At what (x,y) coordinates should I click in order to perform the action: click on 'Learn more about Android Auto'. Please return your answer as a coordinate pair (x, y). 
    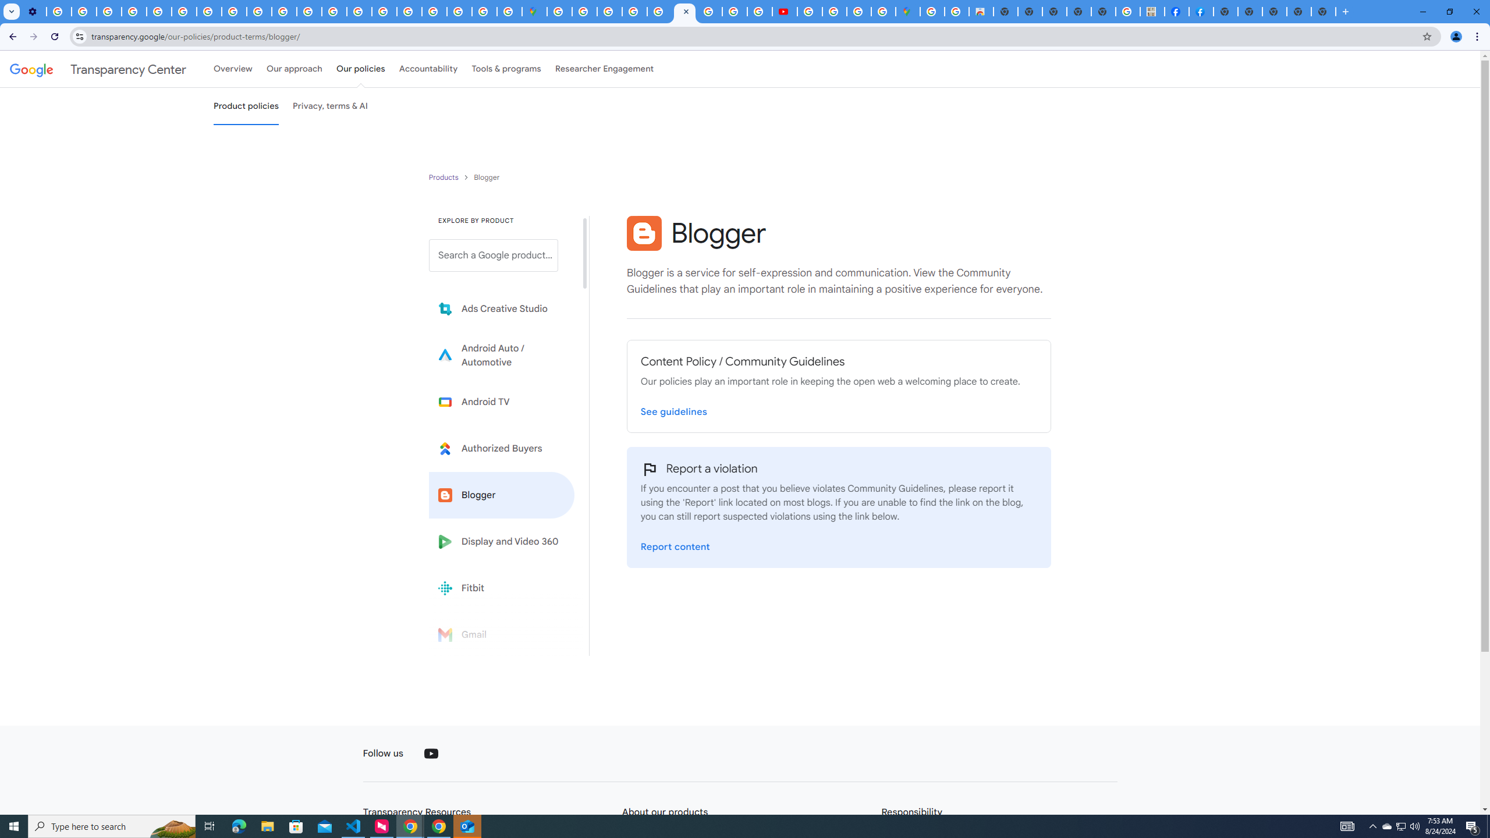
    Looking at the image, I should click on (501, 355).